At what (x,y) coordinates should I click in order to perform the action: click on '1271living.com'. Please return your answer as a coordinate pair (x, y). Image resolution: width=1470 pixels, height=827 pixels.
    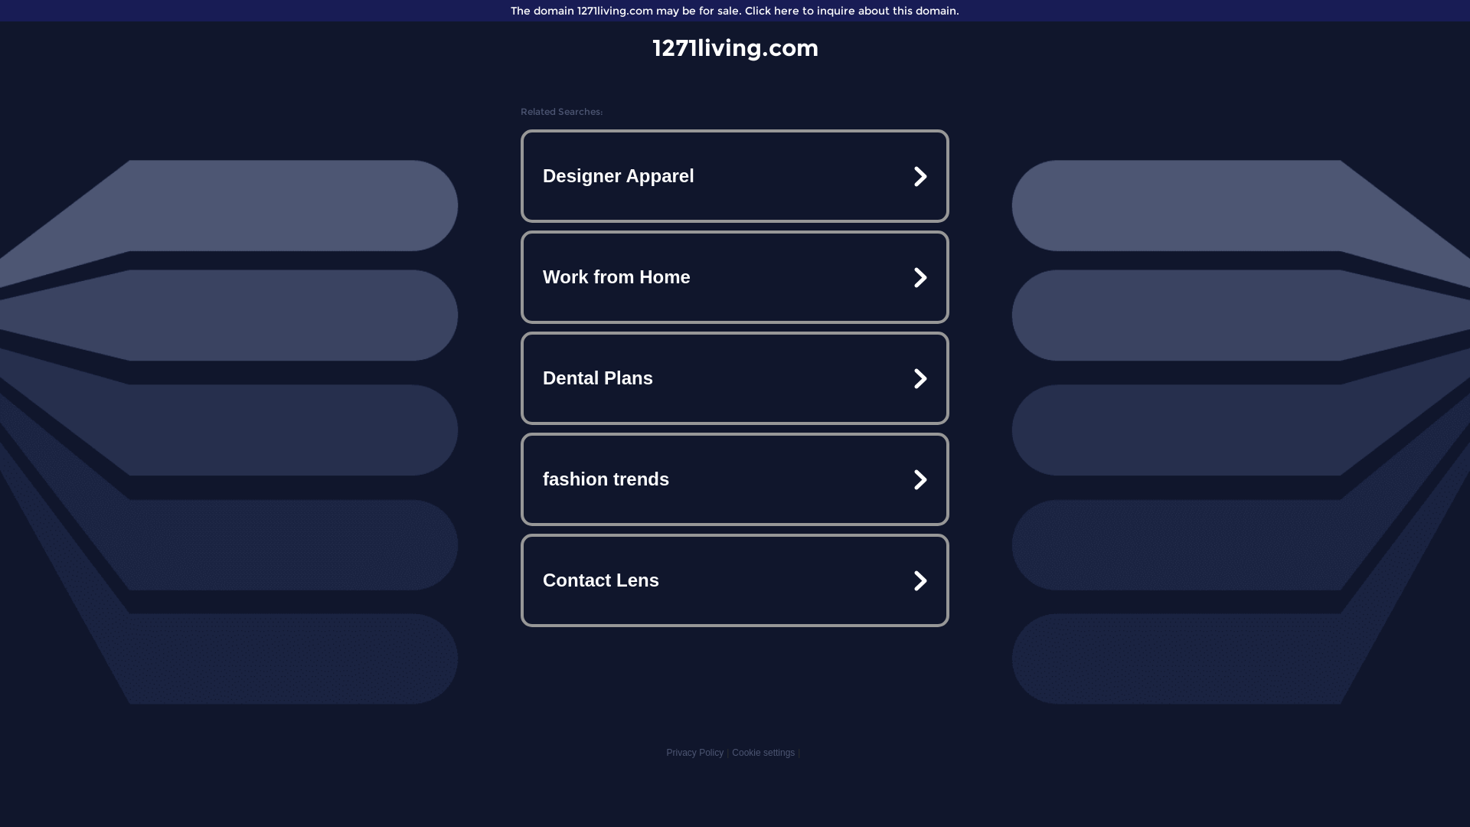
    Looking at the image, I should click on (735, 47).